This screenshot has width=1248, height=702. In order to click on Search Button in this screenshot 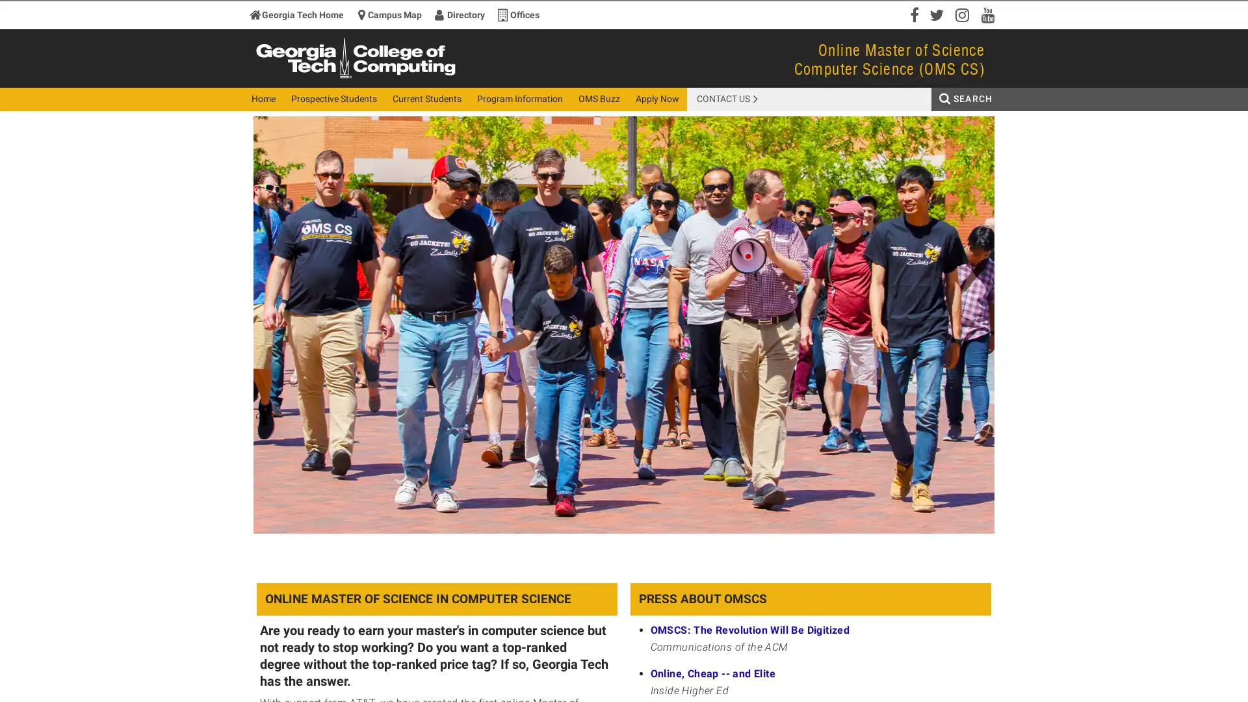, I will do `click(1067, 118)`.